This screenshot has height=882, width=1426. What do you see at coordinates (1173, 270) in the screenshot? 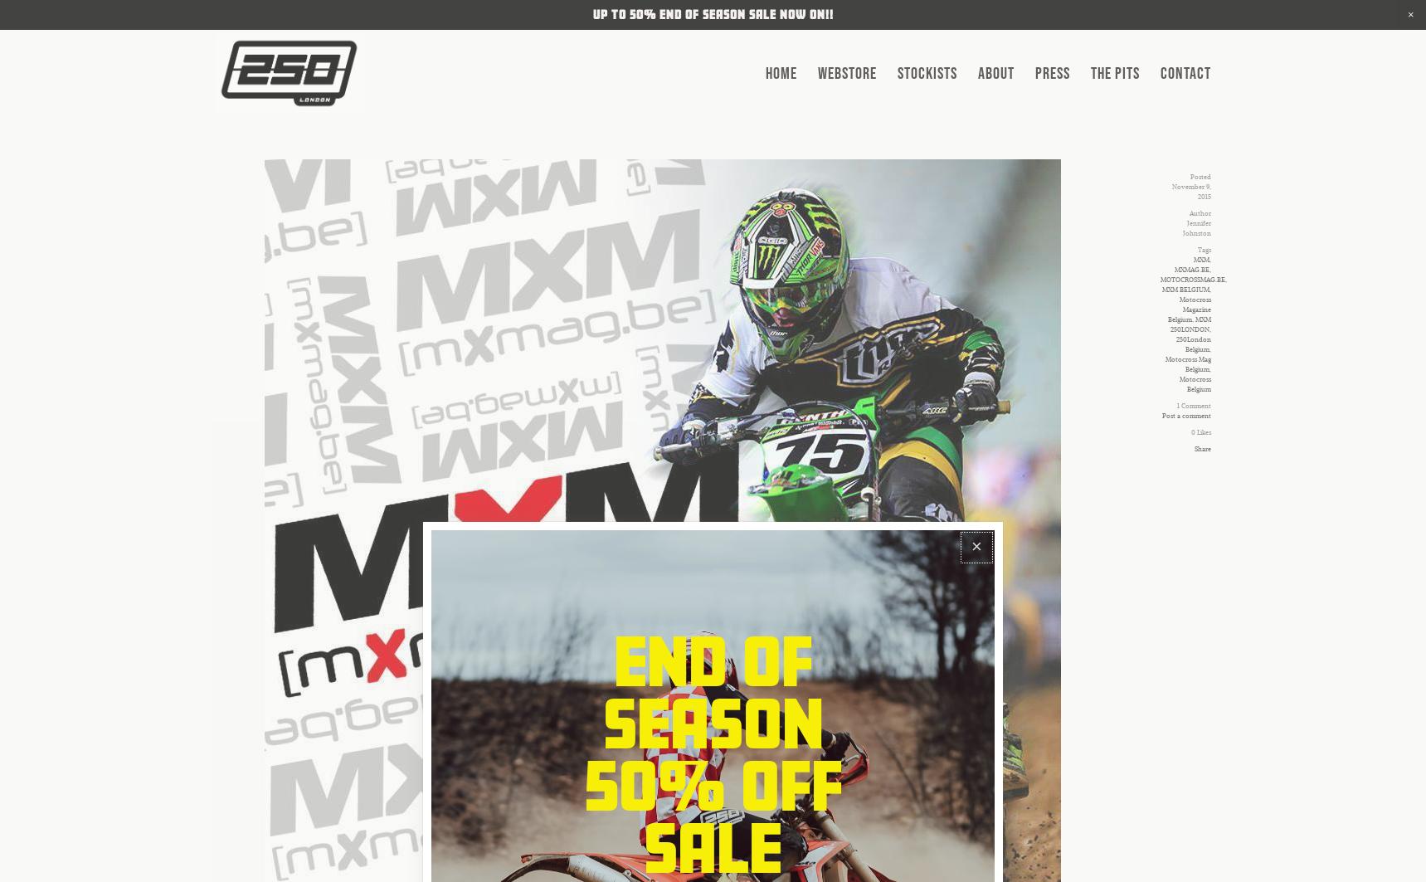
I see `'MXMAG.BE,'` at bounding box center [1173, 270].